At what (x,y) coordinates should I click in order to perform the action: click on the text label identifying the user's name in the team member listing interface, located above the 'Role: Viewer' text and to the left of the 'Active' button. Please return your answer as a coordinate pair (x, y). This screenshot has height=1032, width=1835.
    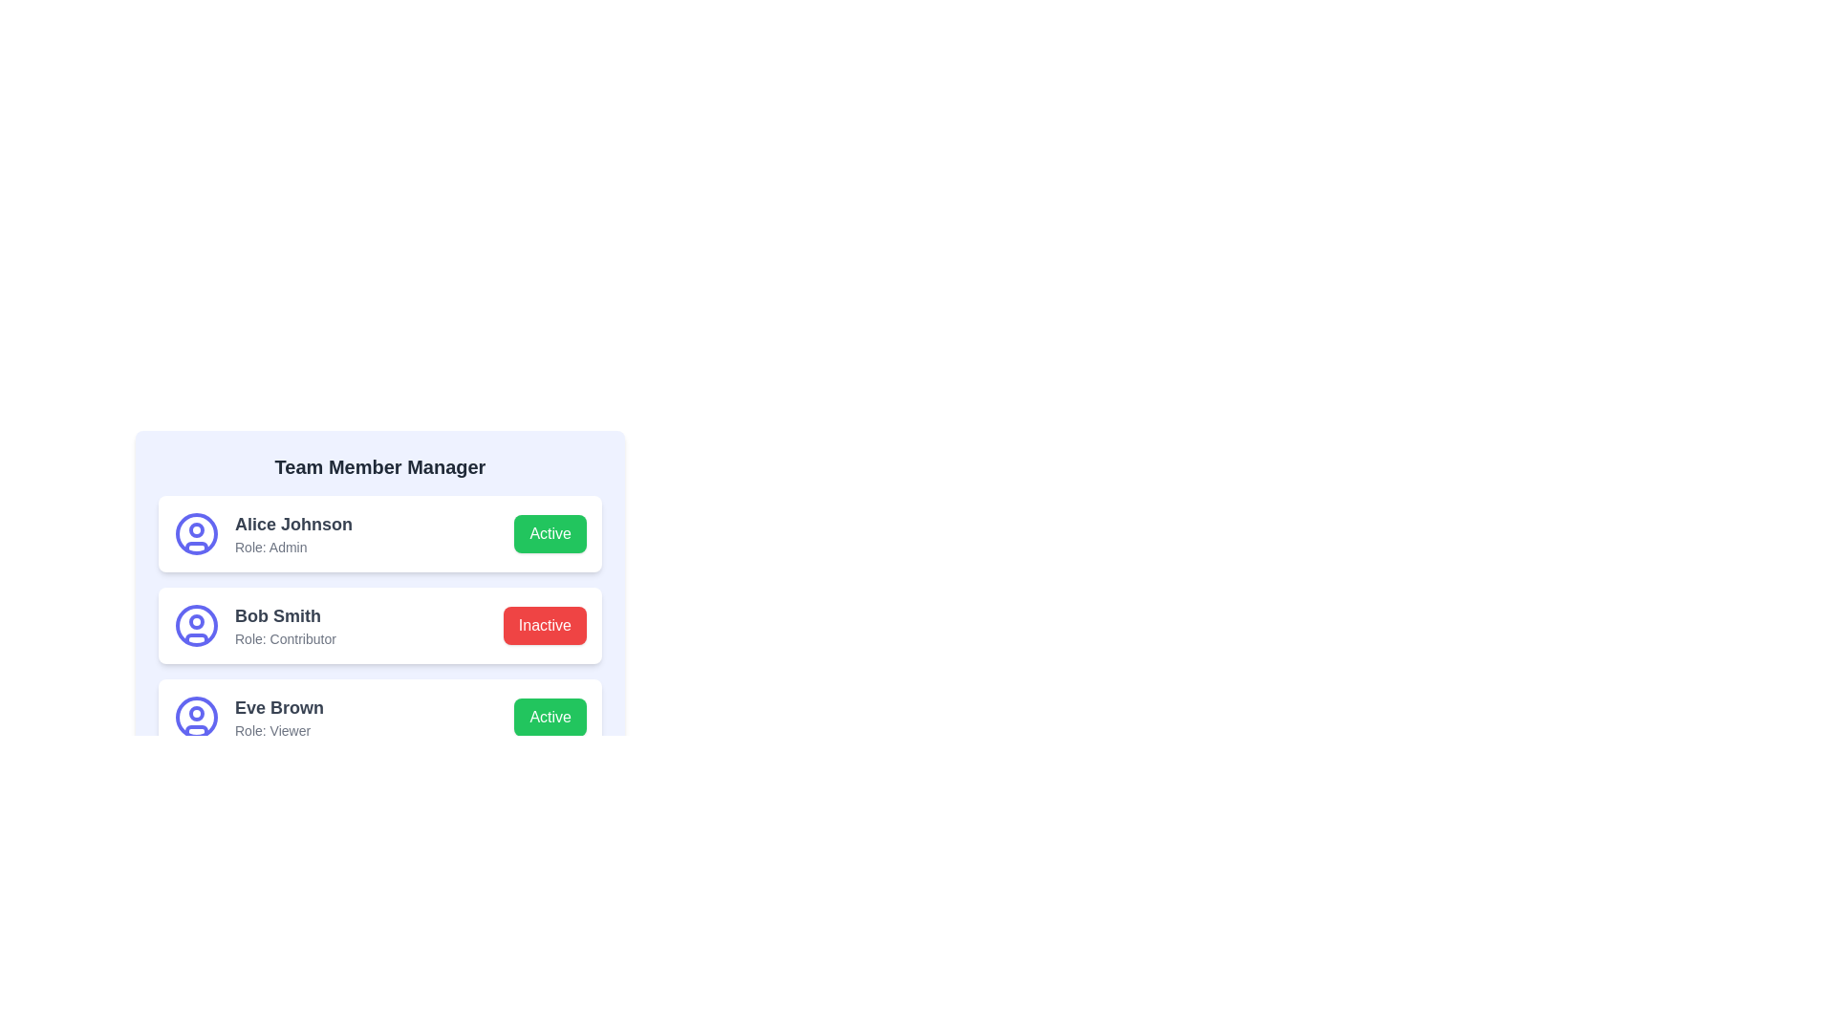
    Looking at the image, I should click on (278, 707).